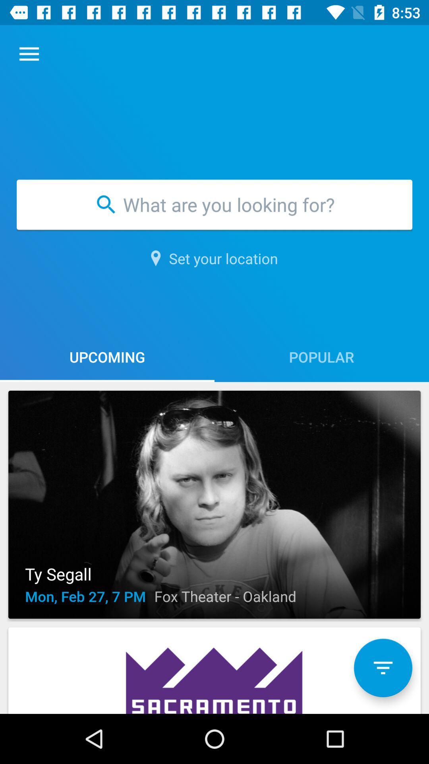  I want to click on icon at the bottom right corner, so click(383, 668).